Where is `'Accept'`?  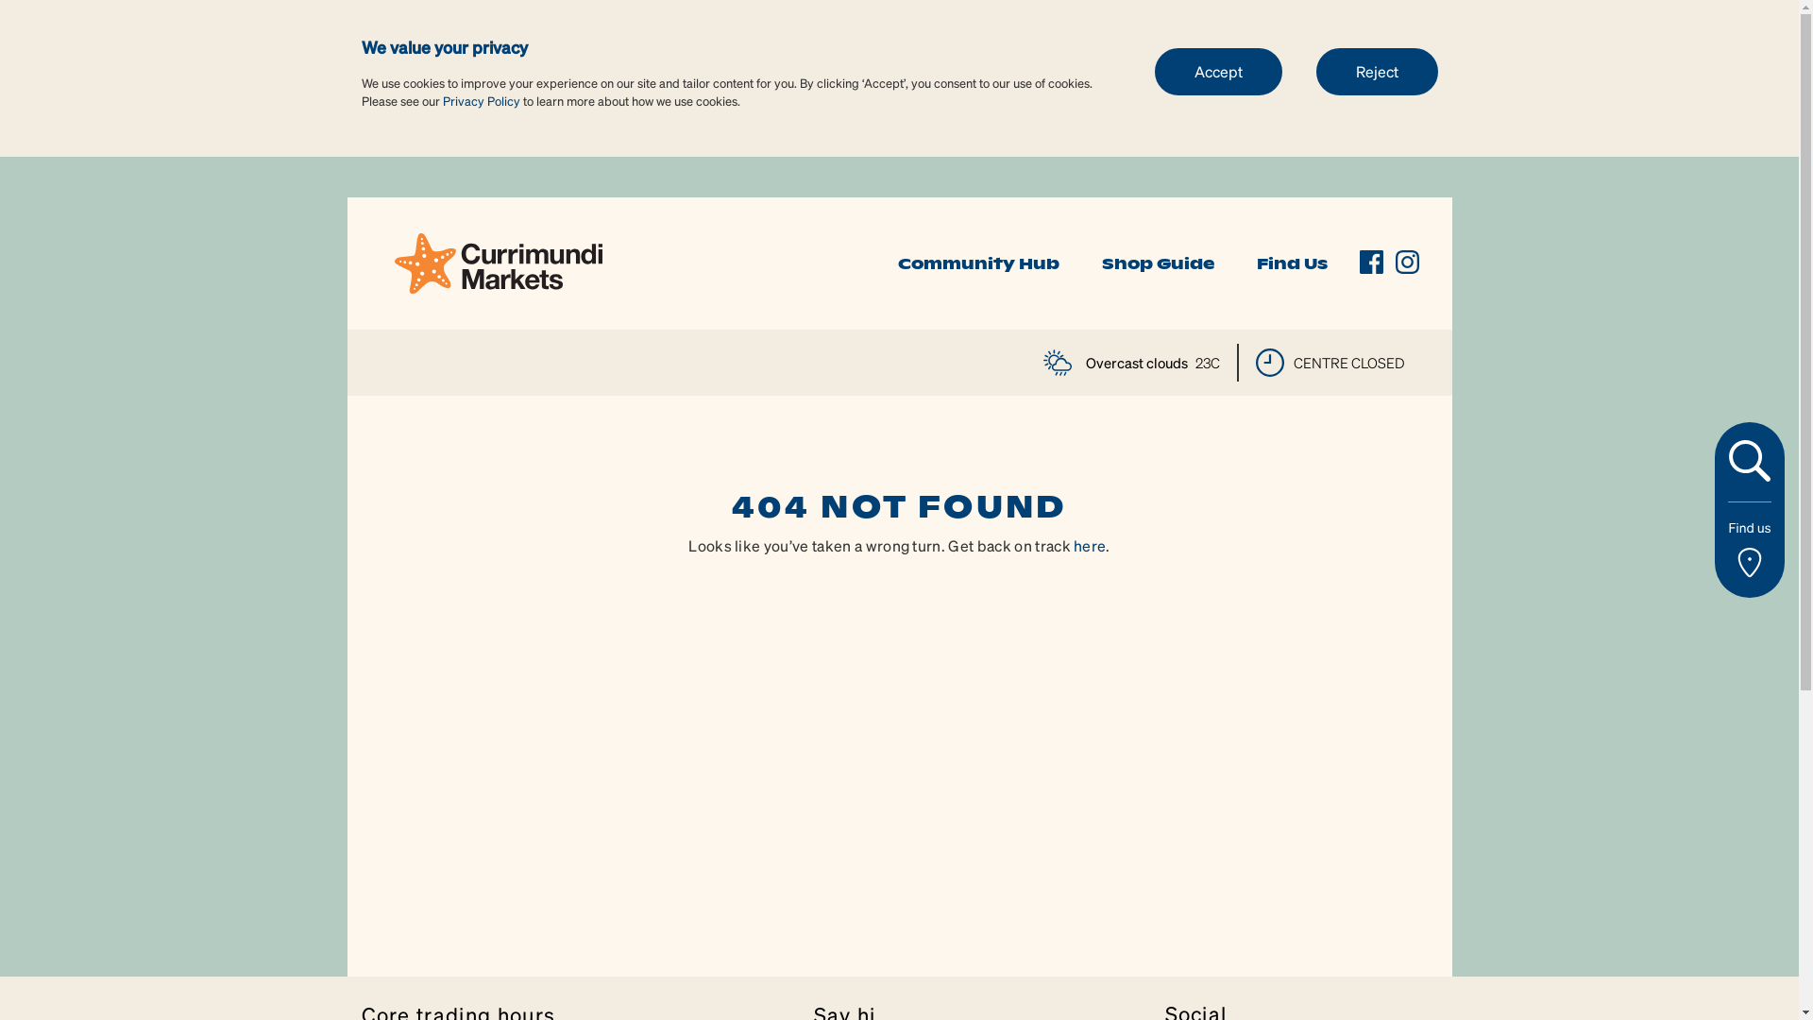
'Accept' is located at coordinates (1217, 69).